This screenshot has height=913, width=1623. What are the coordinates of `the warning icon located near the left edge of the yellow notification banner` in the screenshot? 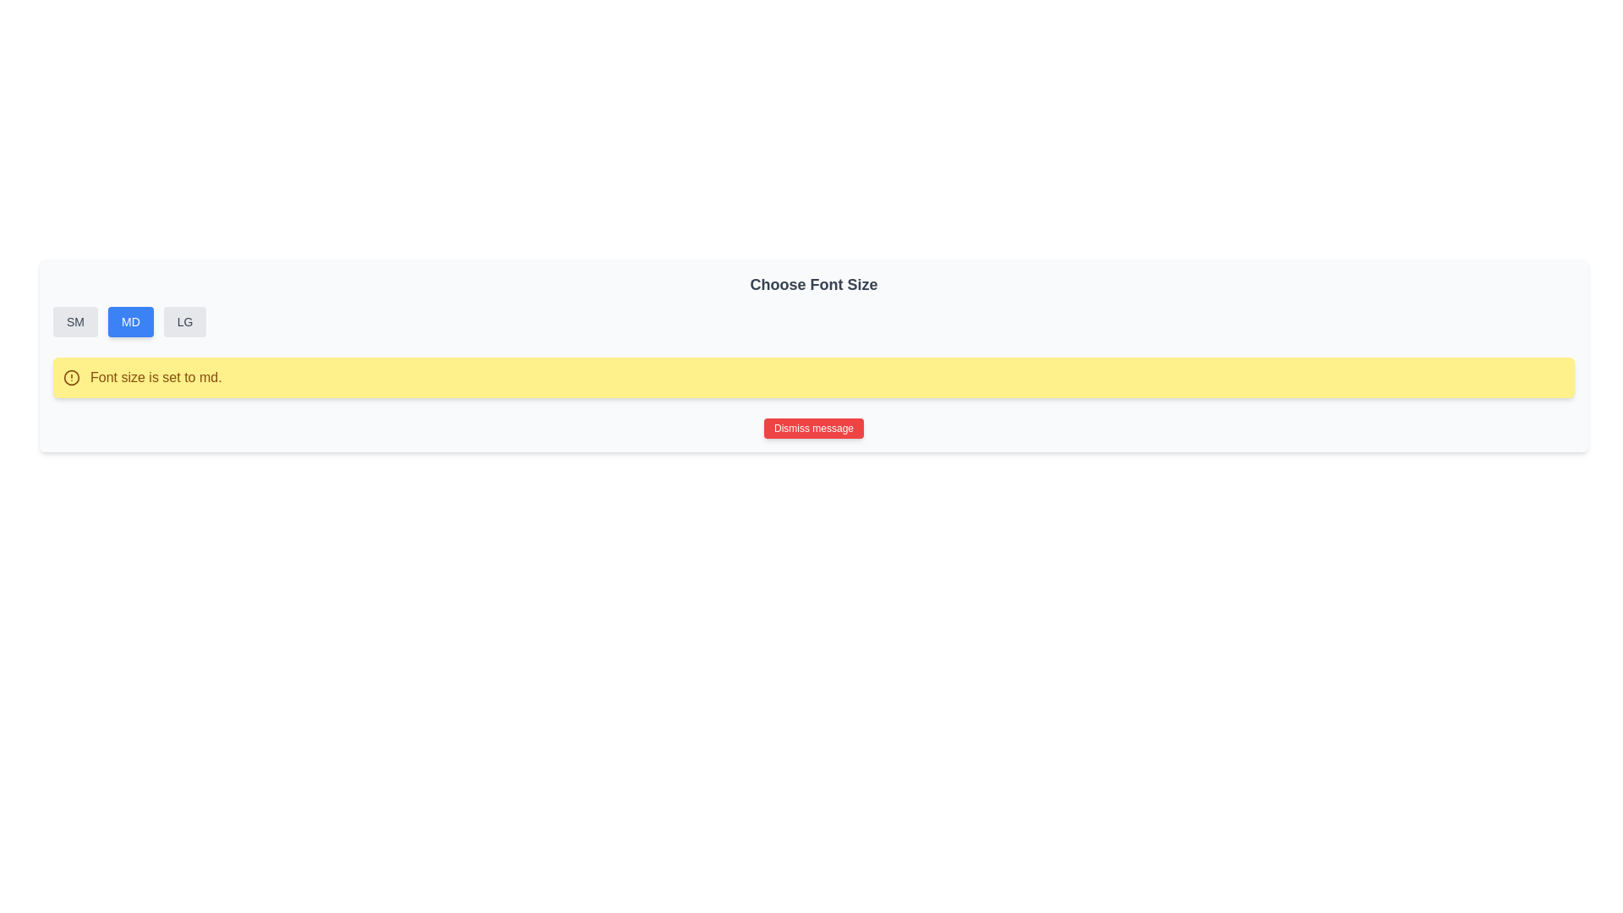 It's located at (71, 377).